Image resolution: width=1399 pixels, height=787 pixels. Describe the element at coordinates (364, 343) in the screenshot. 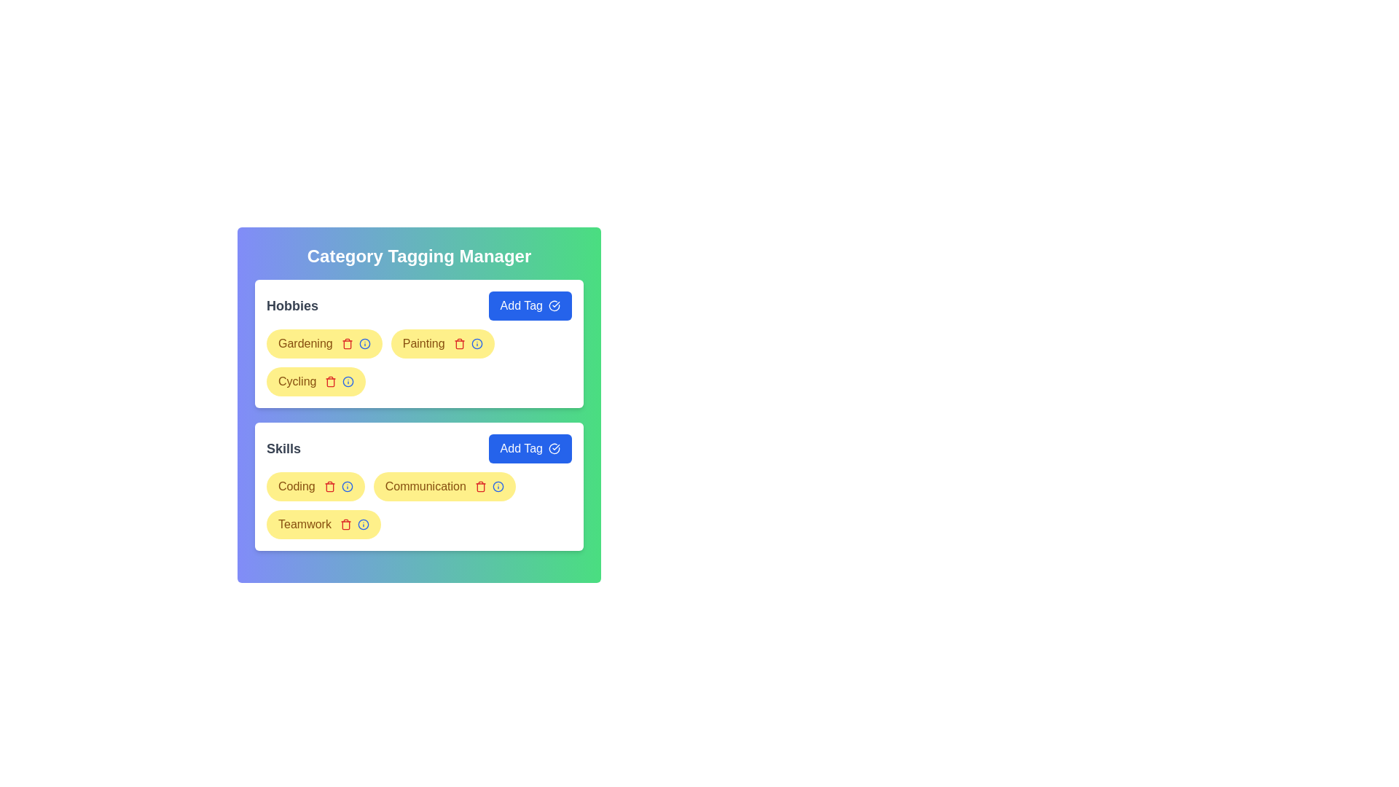

I see `the information icon located to the right of the 'Gardening' badge in the 'Hobbies' section of the 'Category Tagging Manager' module` at that location.